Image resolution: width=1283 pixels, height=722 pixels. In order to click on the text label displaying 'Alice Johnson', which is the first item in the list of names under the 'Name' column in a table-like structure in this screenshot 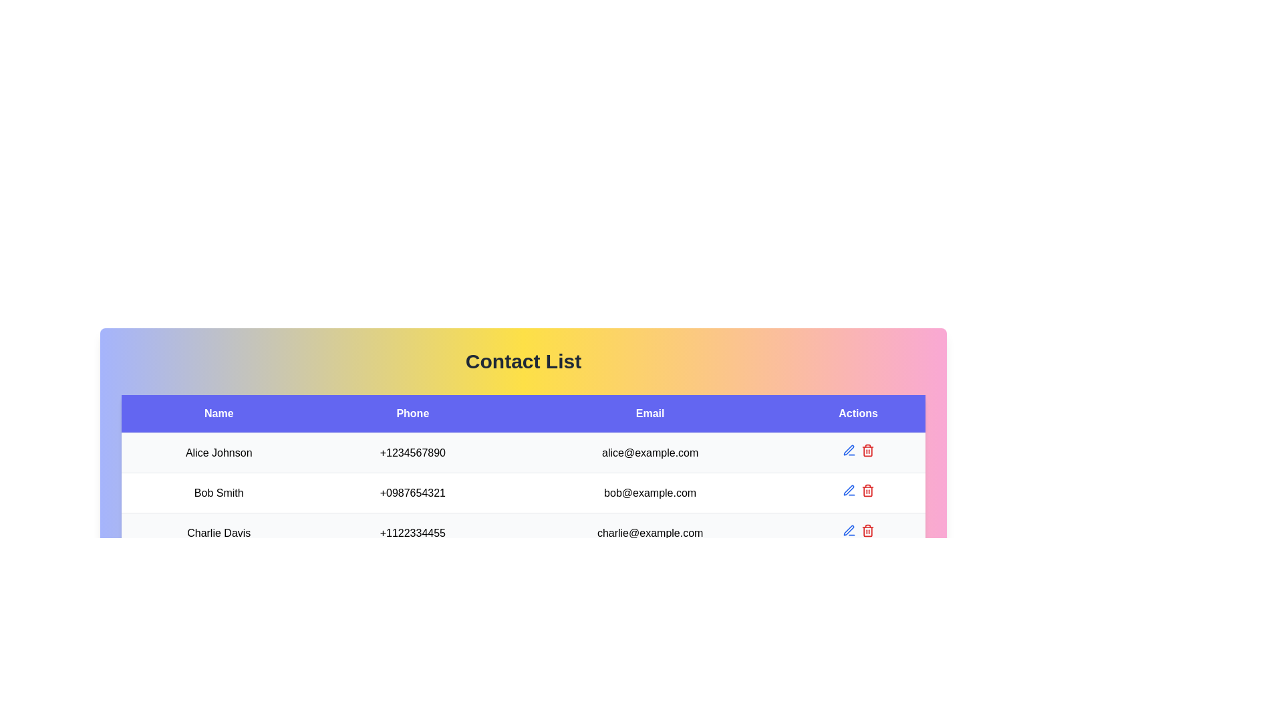, I will do `click(219, 452)`.